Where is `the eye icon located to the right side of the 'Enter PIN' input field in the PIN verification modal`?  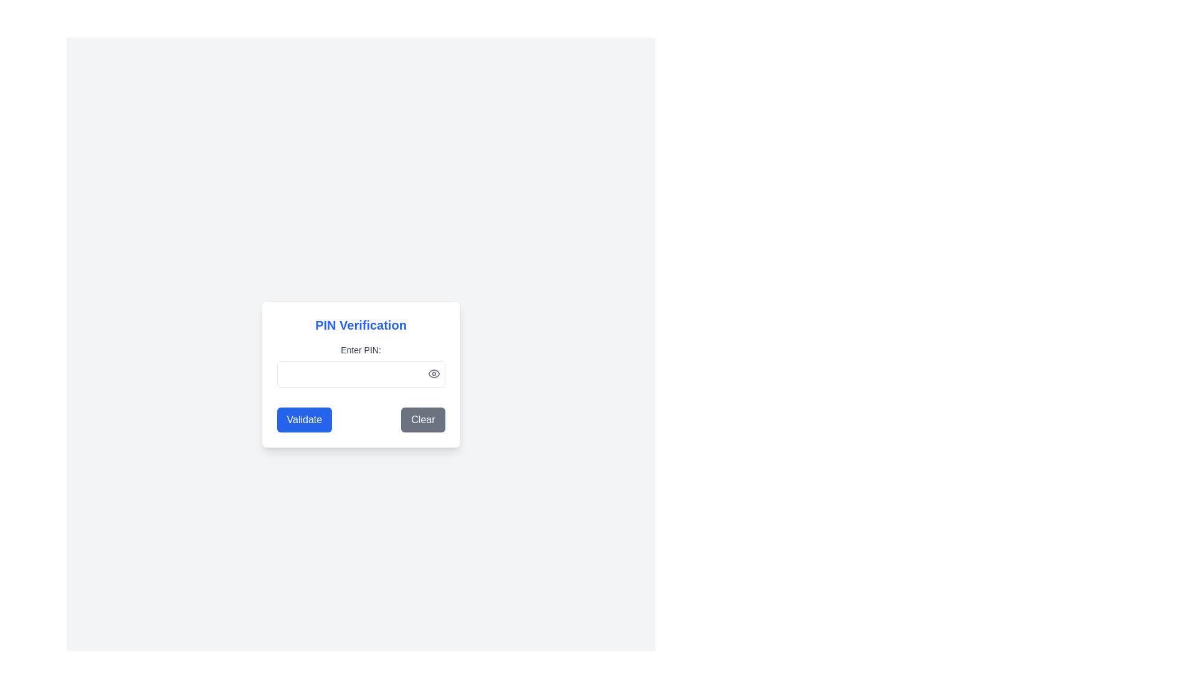 the eye icon located to the right side of the 'Enter PIN' input field in the PIN verification modal is located at coordinates (434, 373).